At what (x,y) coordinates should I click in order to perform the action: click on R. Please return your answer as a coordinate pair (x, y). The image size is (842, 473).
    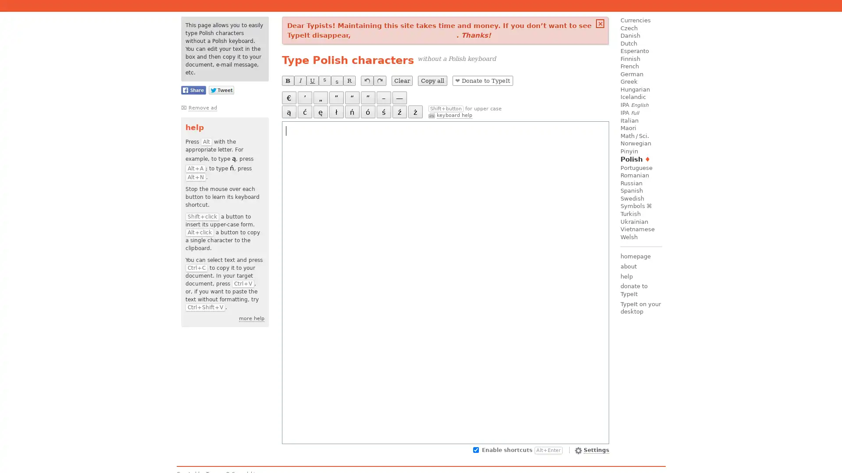
    Looking at the image, I should click on (349, 81).